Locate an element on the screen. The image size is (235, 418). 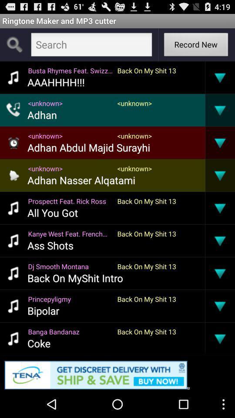
the advertisement is located at coordinates (117, 373).